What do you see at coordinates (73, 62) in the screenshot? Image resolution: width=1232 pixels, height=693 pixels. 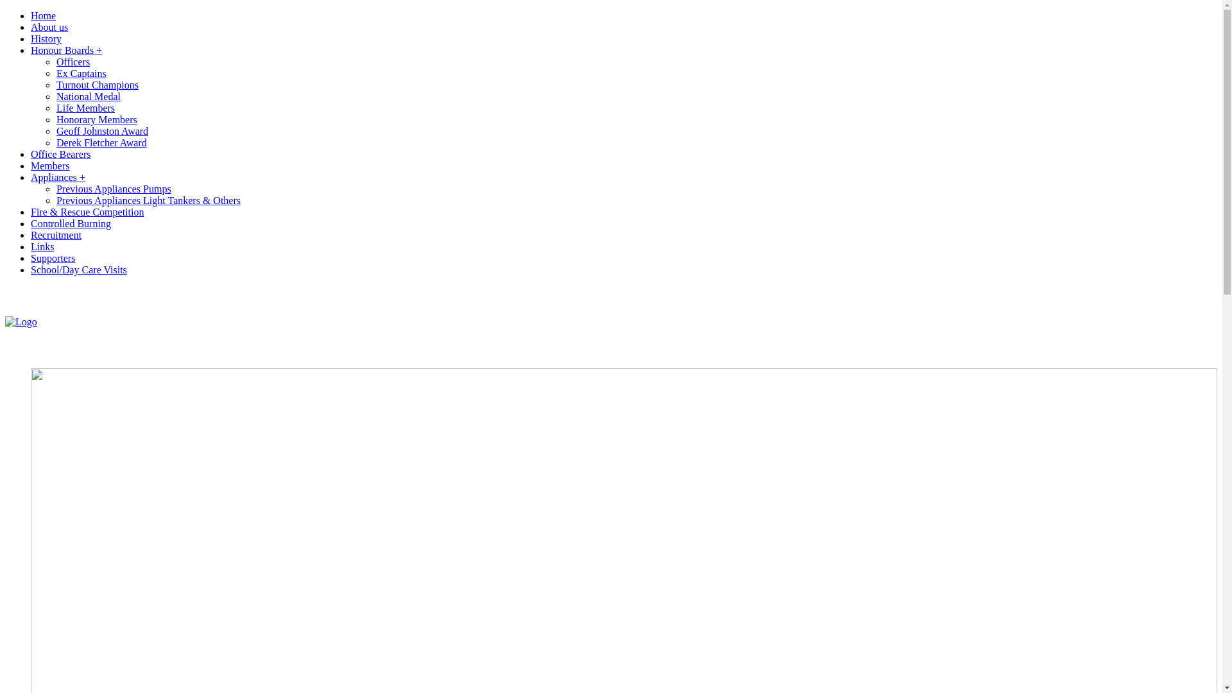 I see `'Officers'` at bounding box center [73, 62].